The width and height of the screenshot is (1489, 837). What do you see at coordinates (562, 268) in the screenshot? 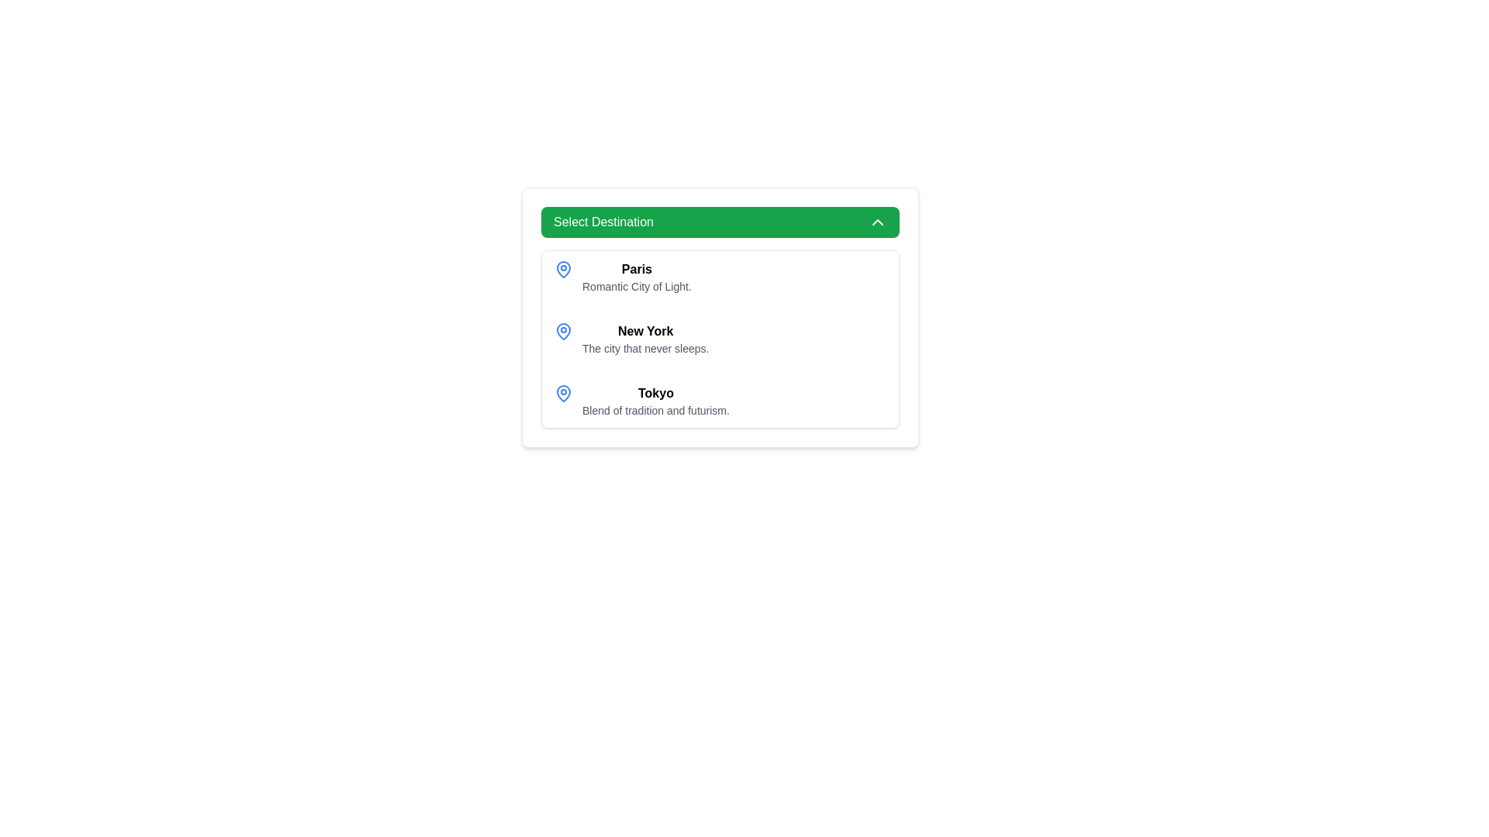
I see `the blue location pin icon located to the left of the text 'New York' in the list of selectable destinations` at bounding box center [562, 268].